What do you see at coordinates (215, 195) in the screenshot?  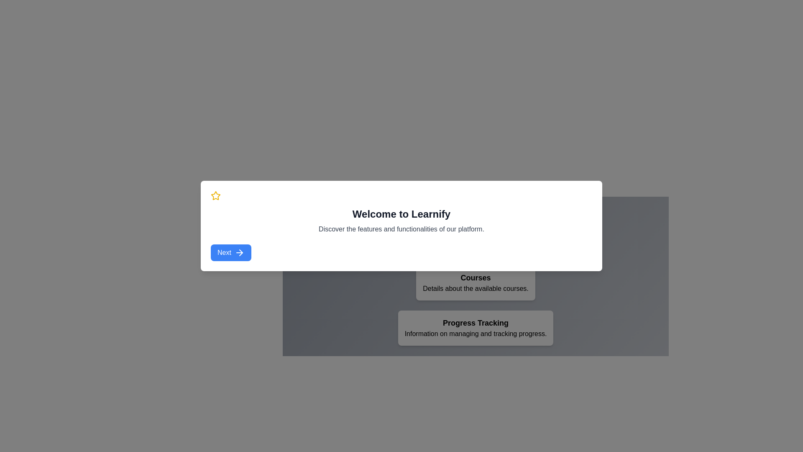 I see `the star icon located in the upper-left corner of the white modal pop-up window, near the top-left corner of the window's header area` at bounding box center [215, 195].